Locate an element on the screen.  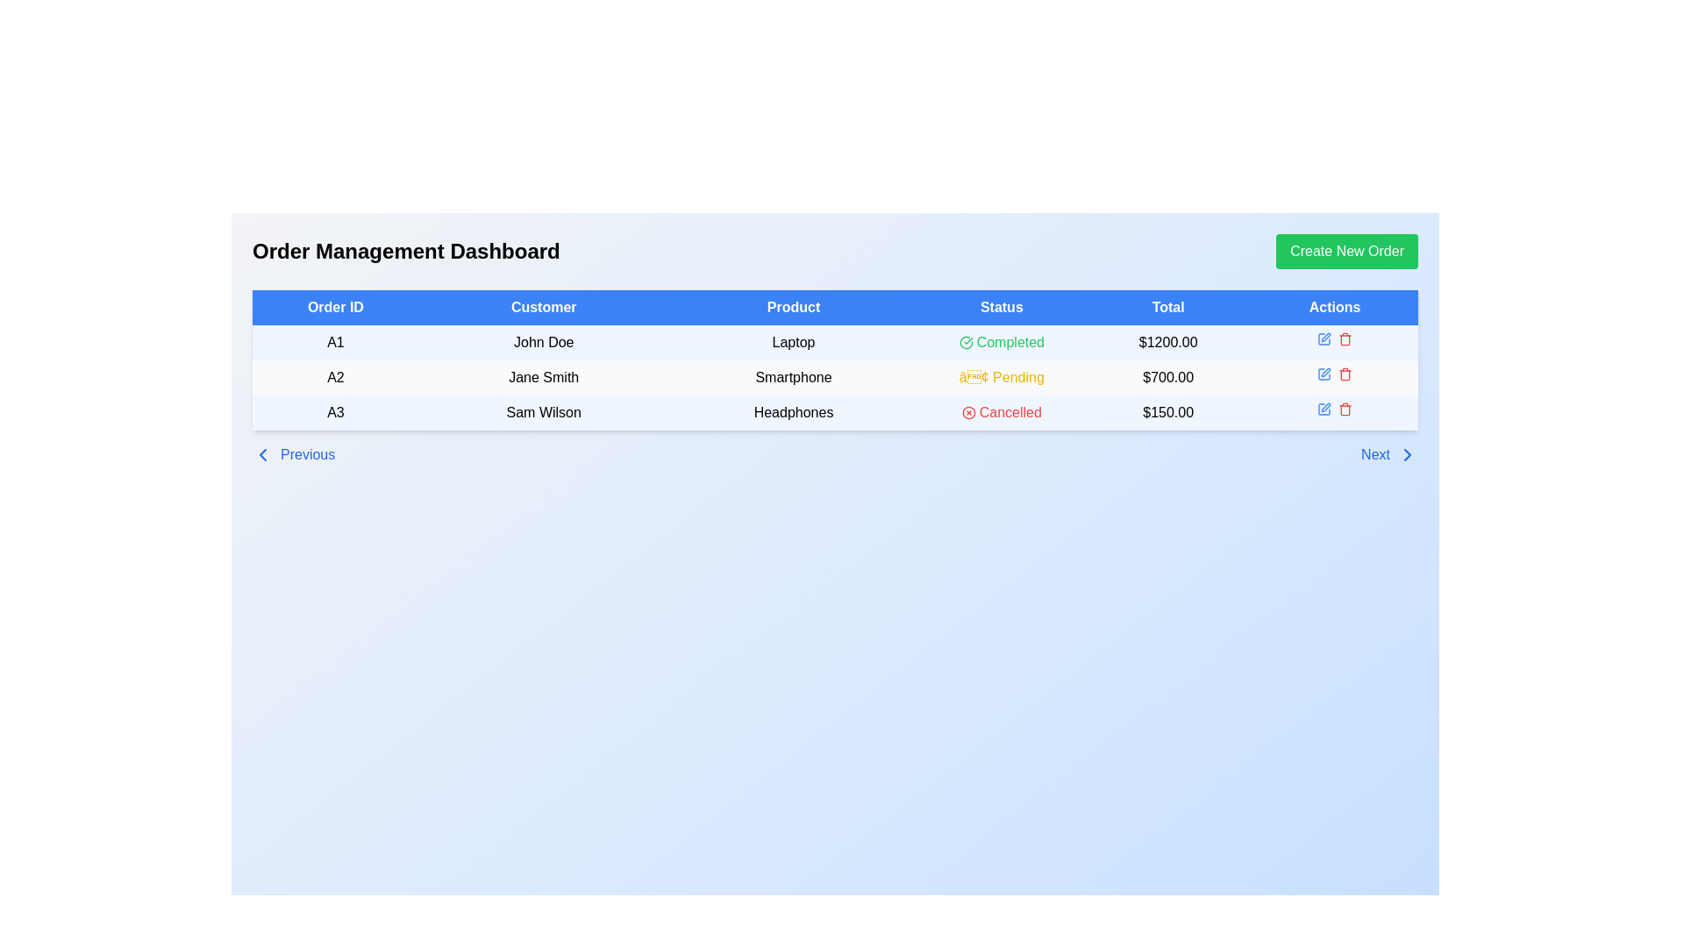
the rectangular icon button located in the third row of the 'Actions' column in the table, which is to the left of a trash bin icon is located at coordinates (1324, 338).